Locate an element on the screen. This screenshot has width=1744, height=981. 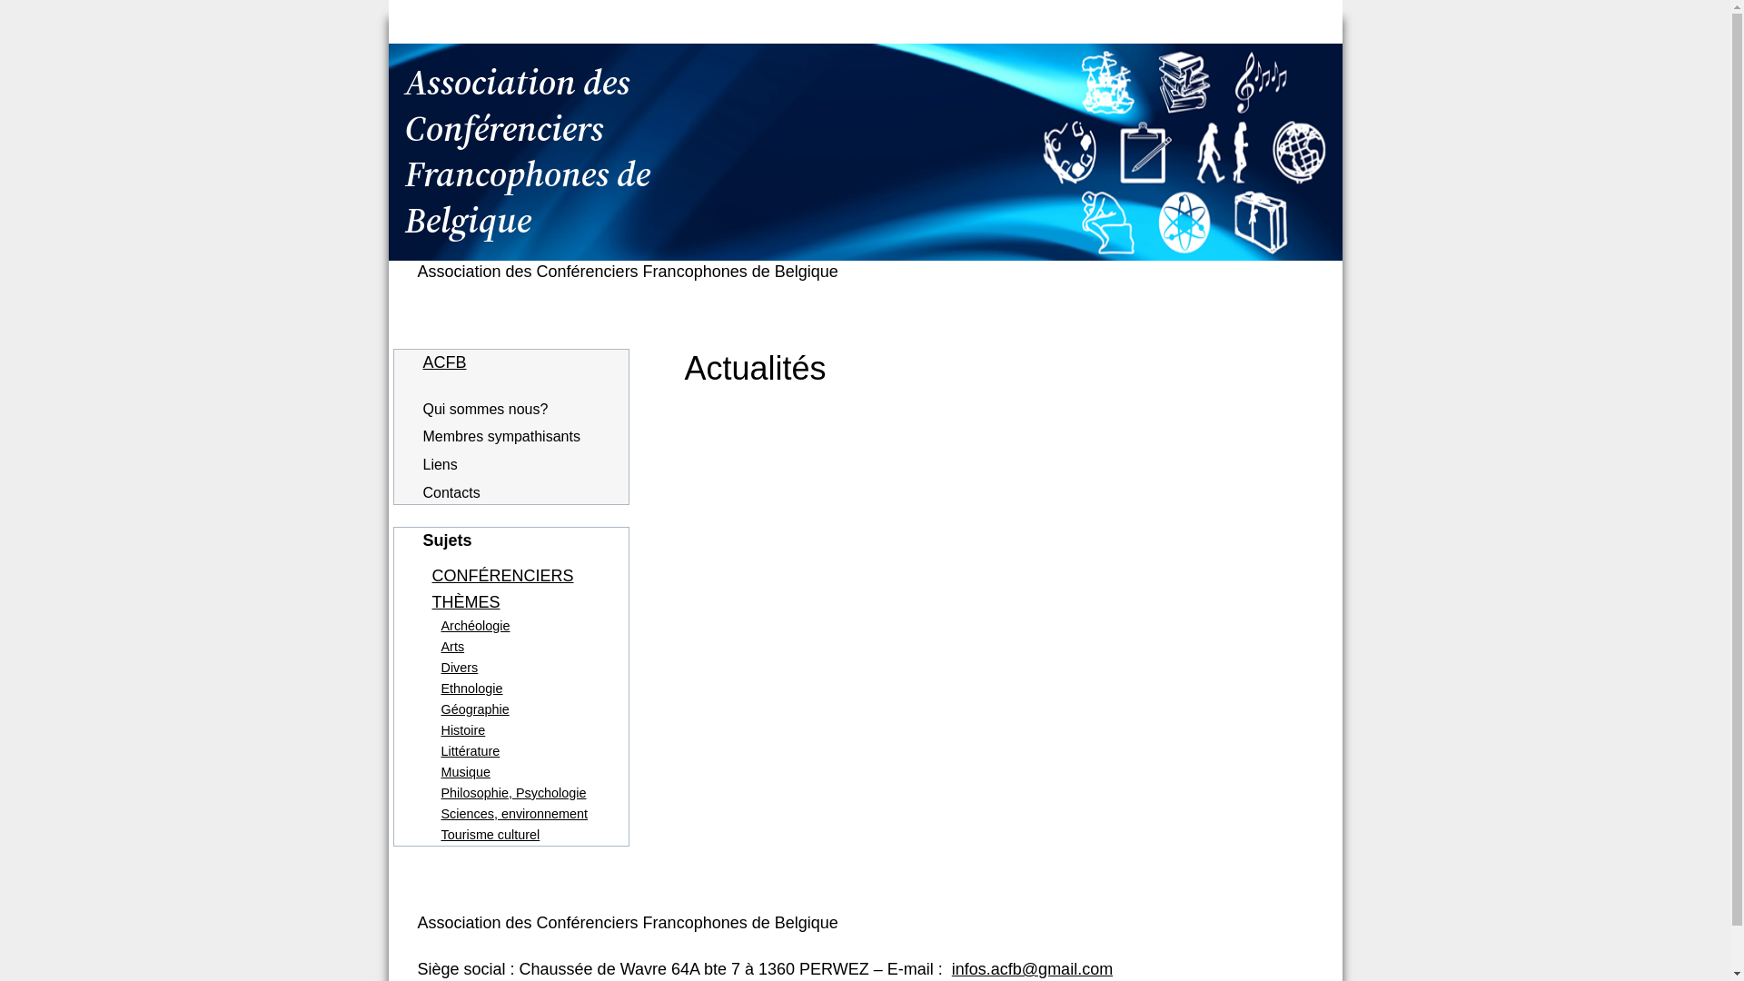
'infos.acfb@gmail.com' is located at coordinates (1032, 968).